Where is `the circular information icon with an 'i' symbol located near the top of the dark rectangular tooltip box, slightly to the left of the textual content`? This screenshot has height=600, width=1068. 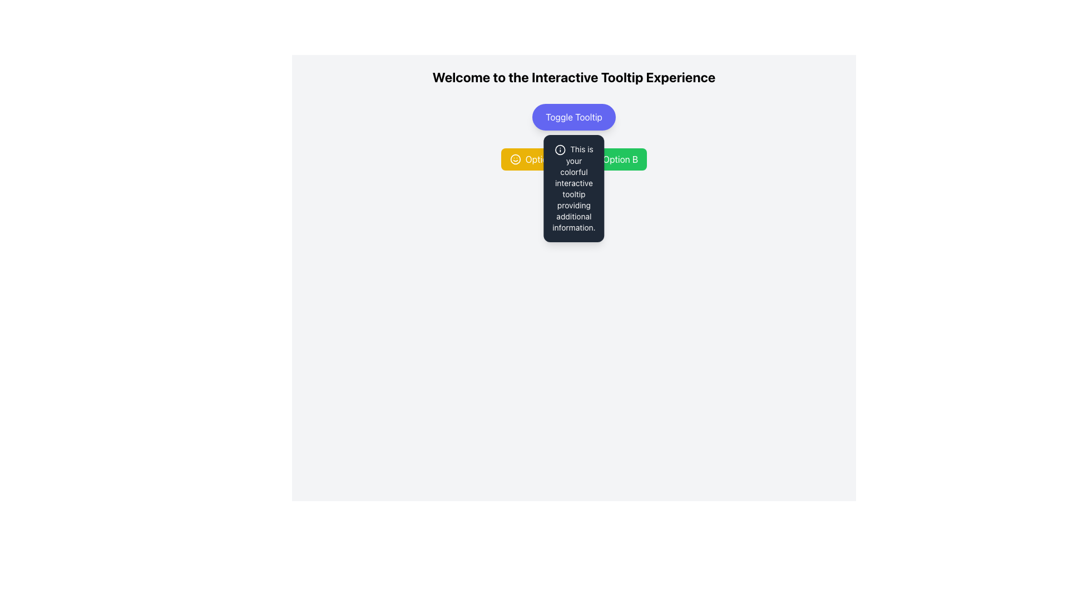 the circular information icon with an 'i' symbol located near the top of the dark rectangular tooltip box, slightly to the left of the textual content is located at coordinates (560, 150).